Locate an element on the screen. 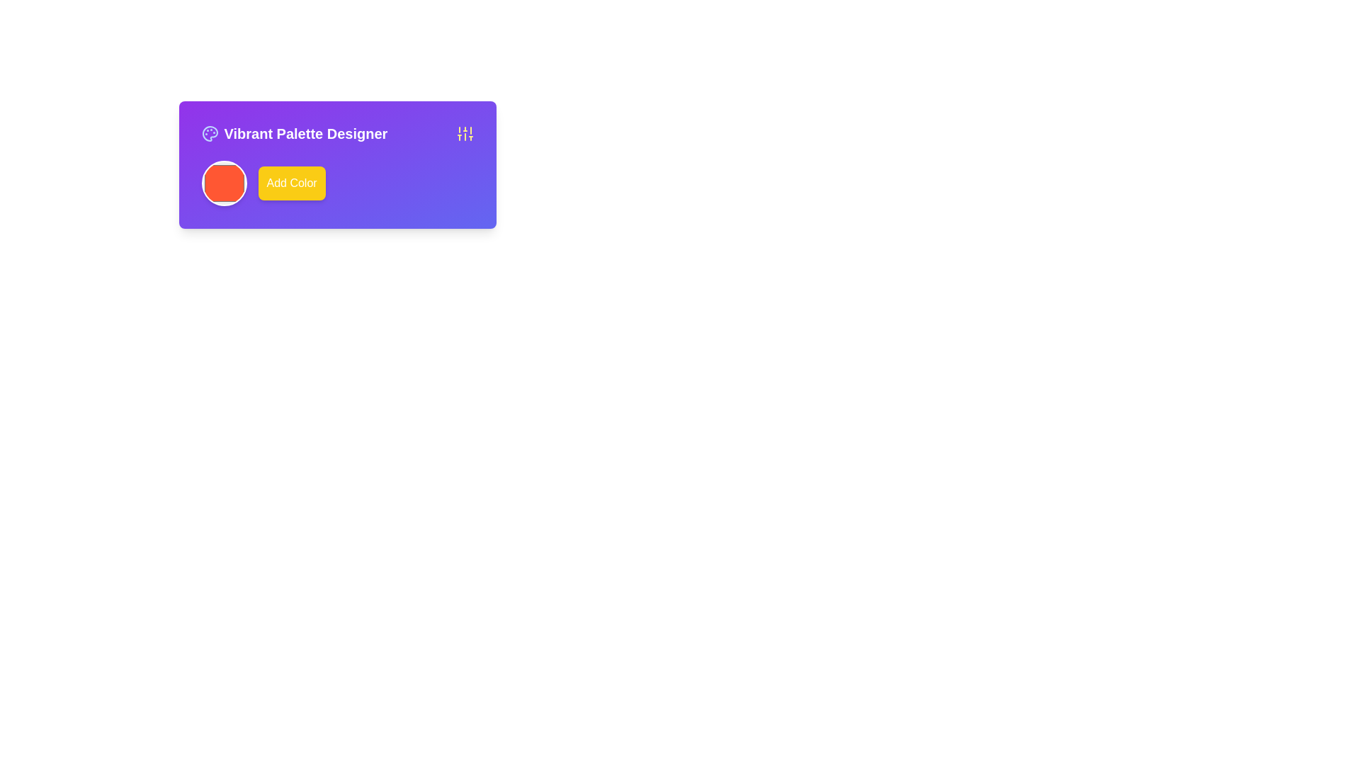 This screenshot has height=765, width=1360. the decorative icon that represents a color palette or design concept, located at the top-left of the card titled 'Vibrant Palette Designer.' is located at coordinates (209, 134).